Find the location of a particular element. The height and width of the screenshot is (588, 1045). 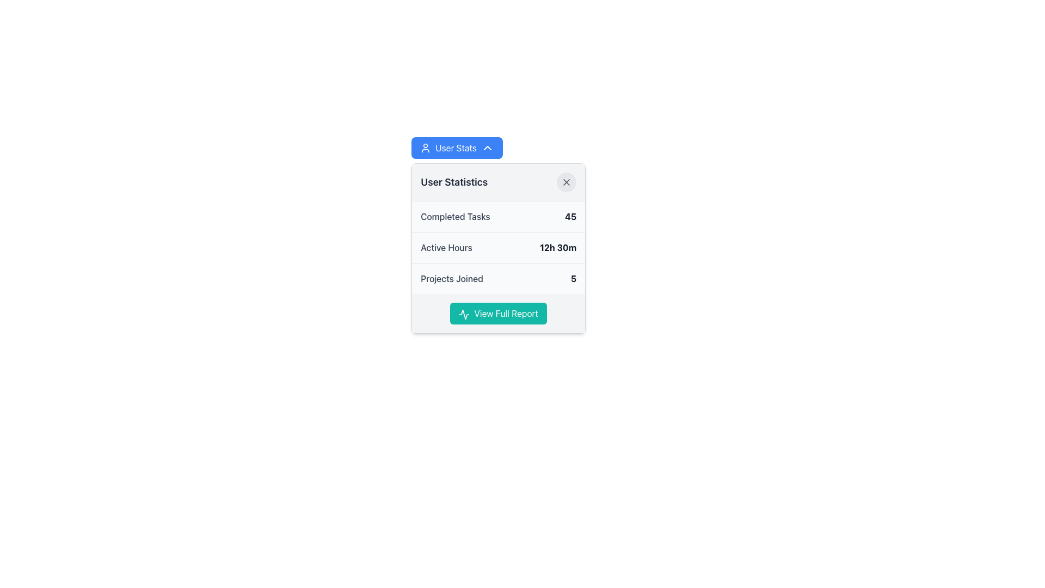

the button labeled 'View Full Report' with a teal background and white text for visual feedback is located at coordinates (498, 313).